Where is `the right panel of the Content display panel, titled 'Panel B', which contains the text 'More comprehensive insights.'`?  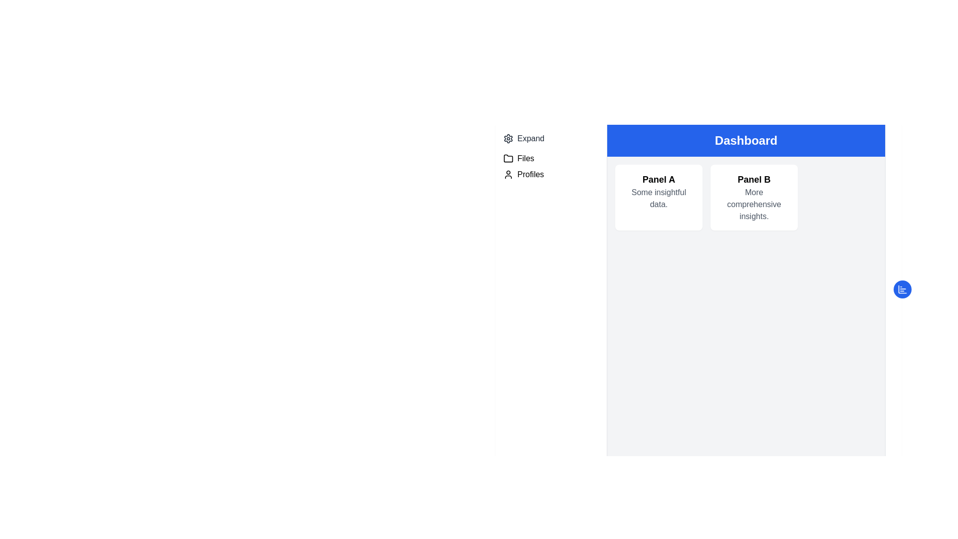 the right panel of the Content display panel, titled 'Panel B', which contains the text 'More comprehensive insights.' is located at coordinates (746, 198).